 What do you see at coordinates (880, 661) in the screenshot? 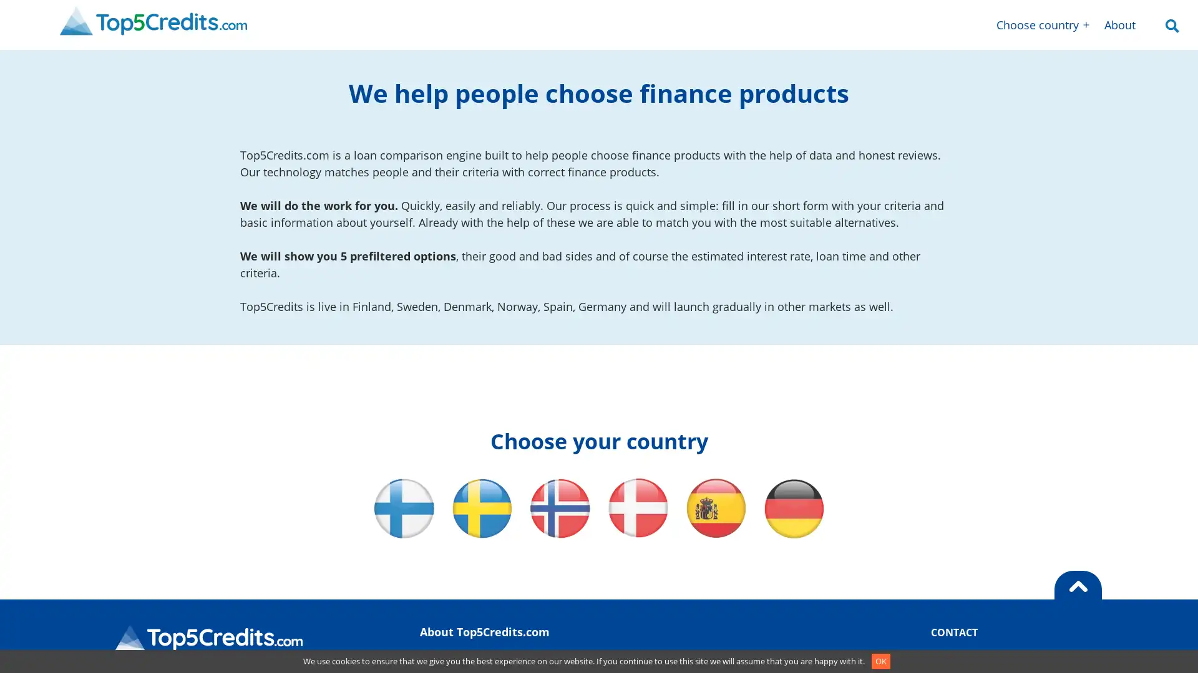
I see `OK` at bounding box center [880, 661].